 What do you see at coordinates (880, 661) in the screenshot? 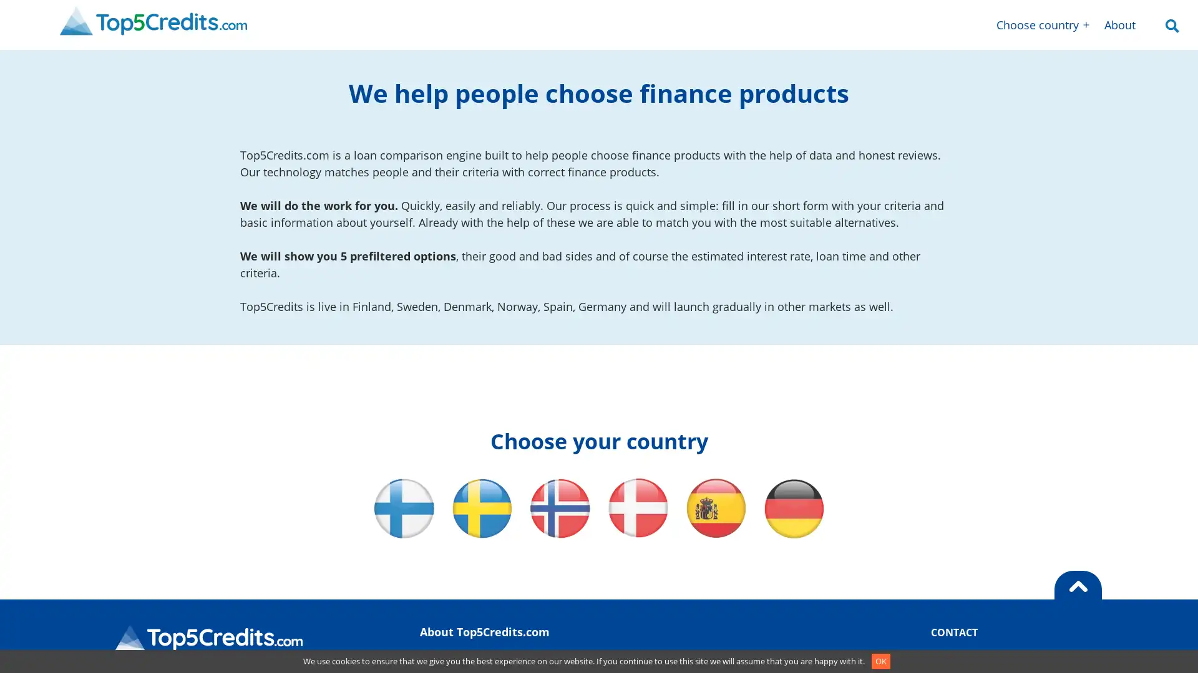
I see `OK` at bounding box center [880, 661].